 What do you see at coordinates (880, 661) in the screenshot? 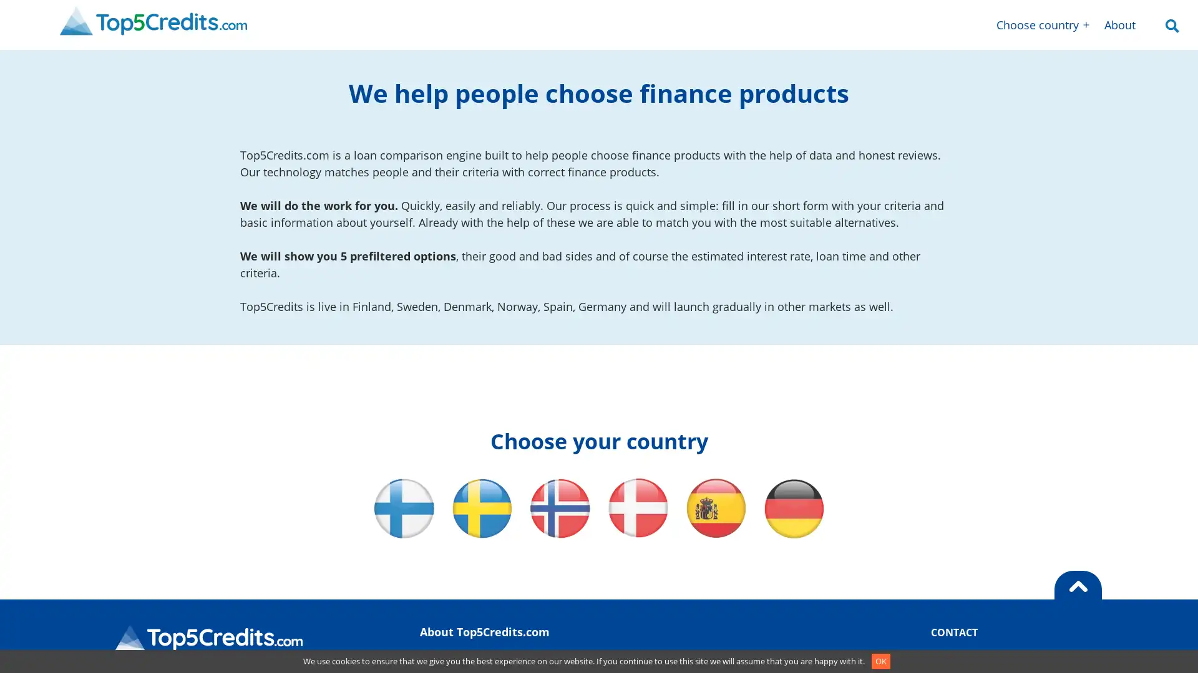
I see `OK` at bounding box center [880, 661].